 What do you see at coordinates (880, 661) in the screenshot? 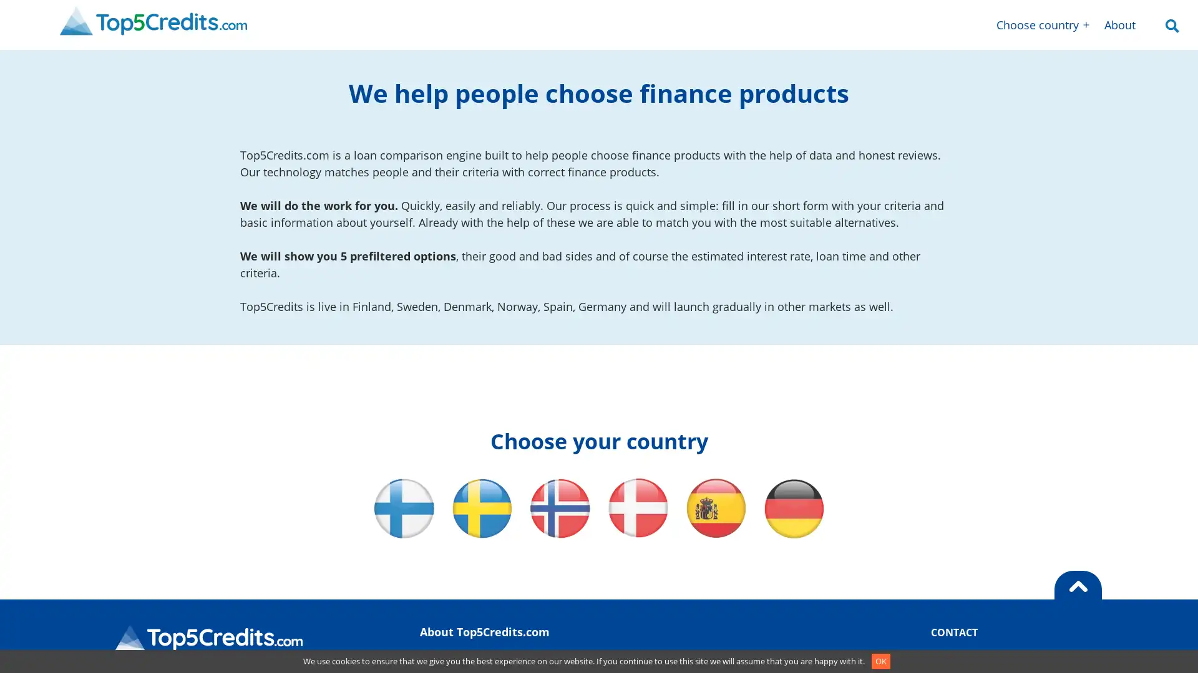
I see `OK` at bounding box center [880, 661].